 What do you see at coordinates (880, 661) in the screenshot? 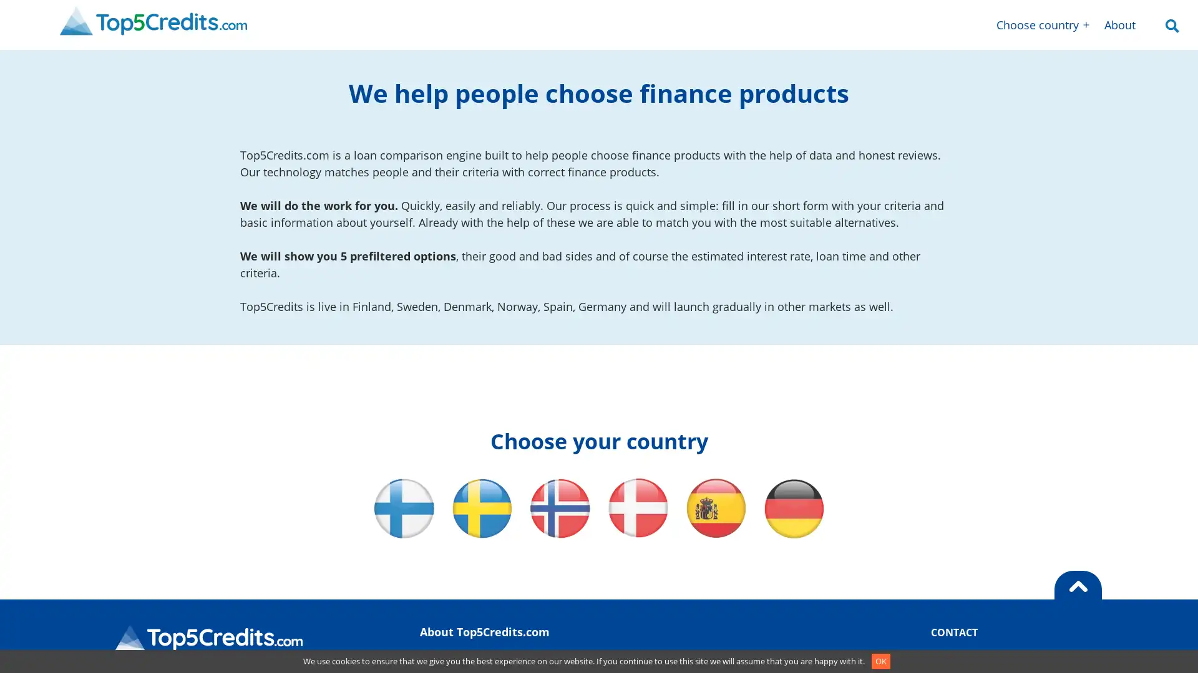
I see `OK` at bounding box center [880, 661].